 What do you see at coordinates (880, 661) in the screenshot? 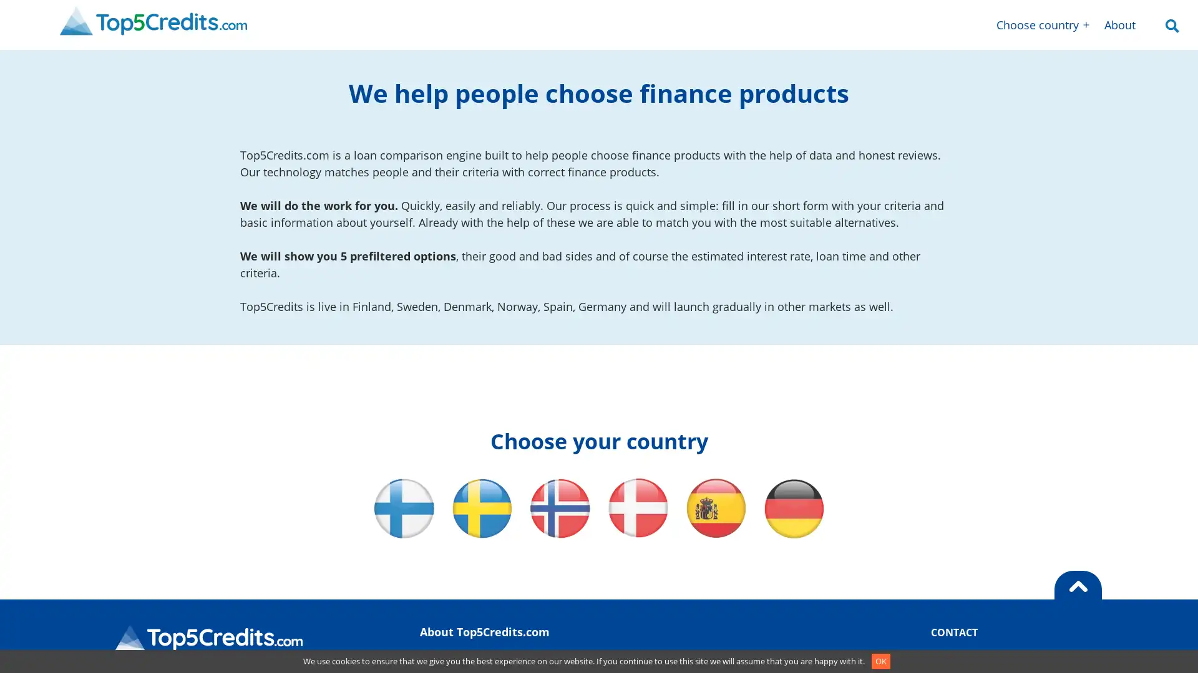
I see `OK` at bounding box center [880, 661].